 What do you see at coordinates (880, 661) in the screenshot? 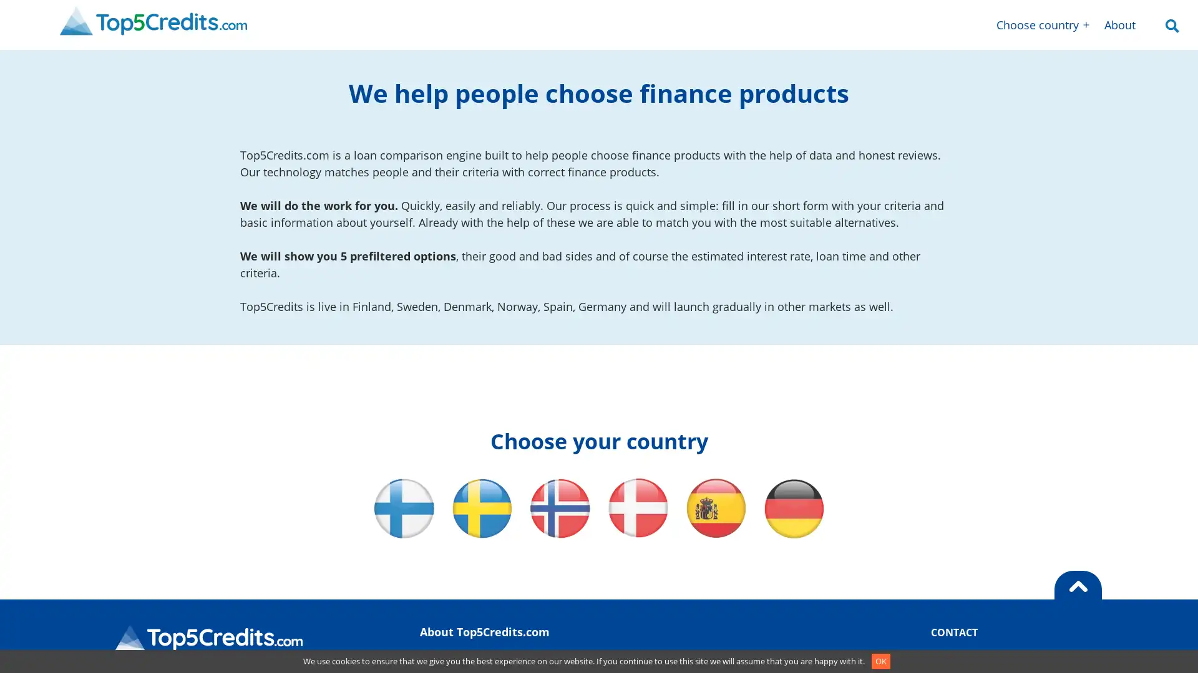
I see `OK` at bounding box center [880, 661].